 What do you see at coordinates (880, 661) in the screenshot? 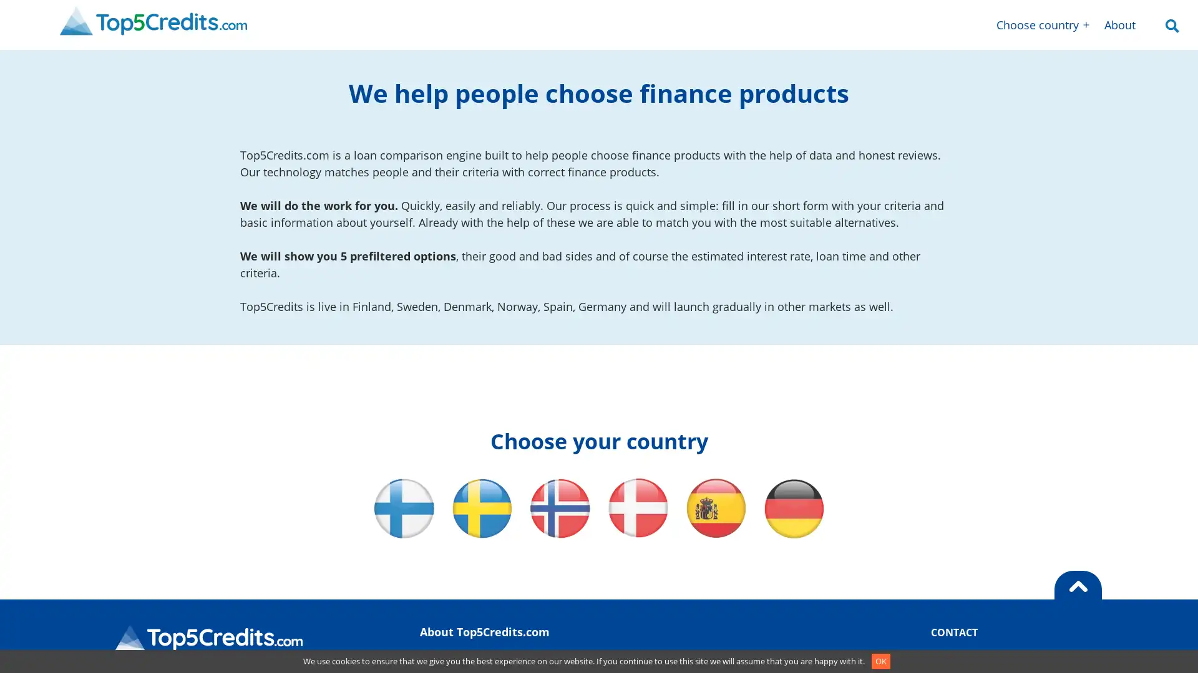
I see `OK` at bounding box center [880, 661].